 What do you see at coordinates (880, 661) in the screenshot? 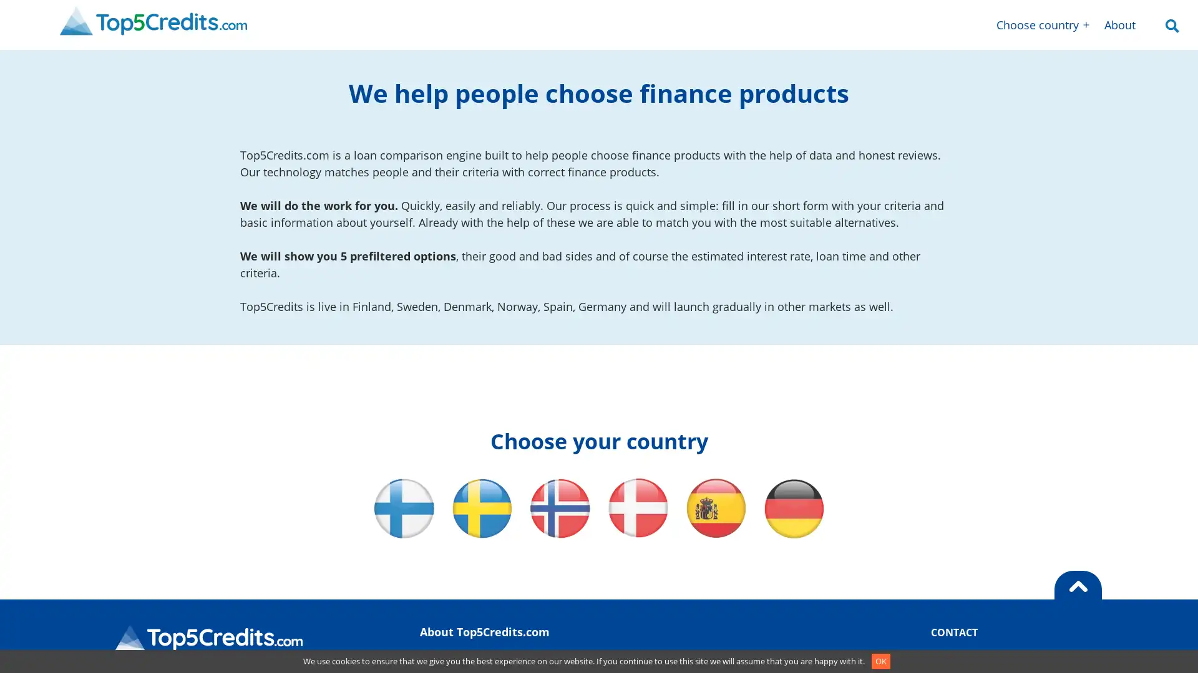
I see `OK` at bounding box center [880, 661].